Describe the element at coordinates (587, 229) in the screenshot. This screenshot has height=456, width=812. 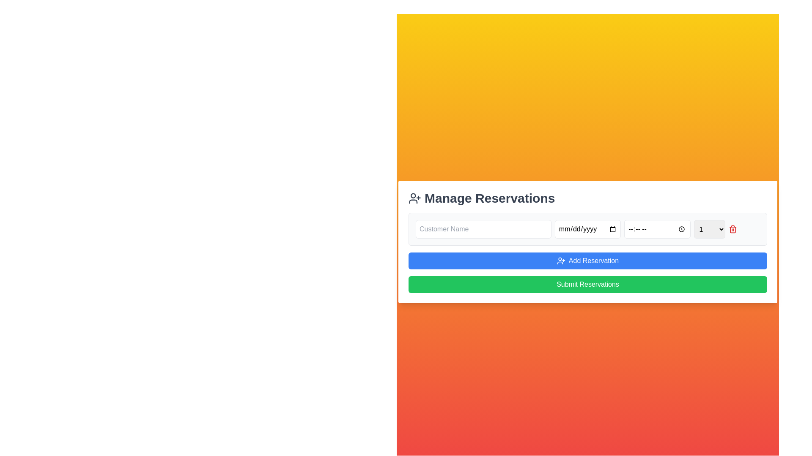
I see `the Date input field` at that location.